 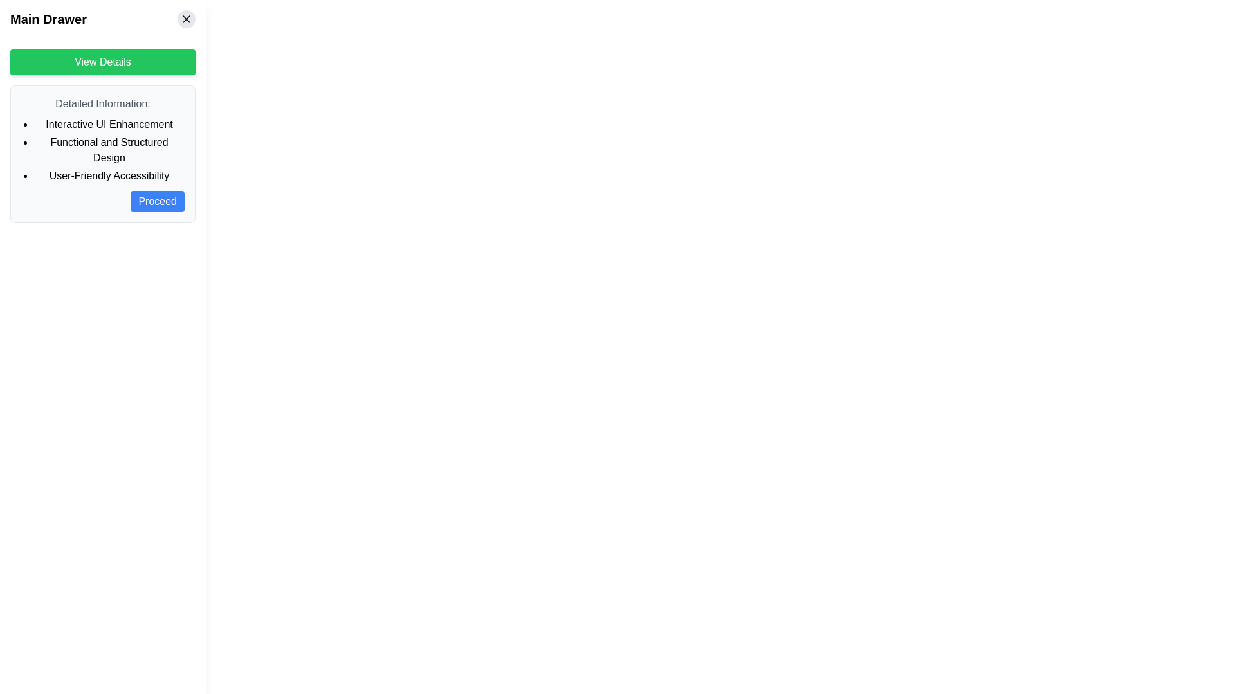 I want to click on the informational text item that contains 'User-Friendly Accessibility', which is the third item in the list under 'Detailed Information', so click(x=109, y=175).